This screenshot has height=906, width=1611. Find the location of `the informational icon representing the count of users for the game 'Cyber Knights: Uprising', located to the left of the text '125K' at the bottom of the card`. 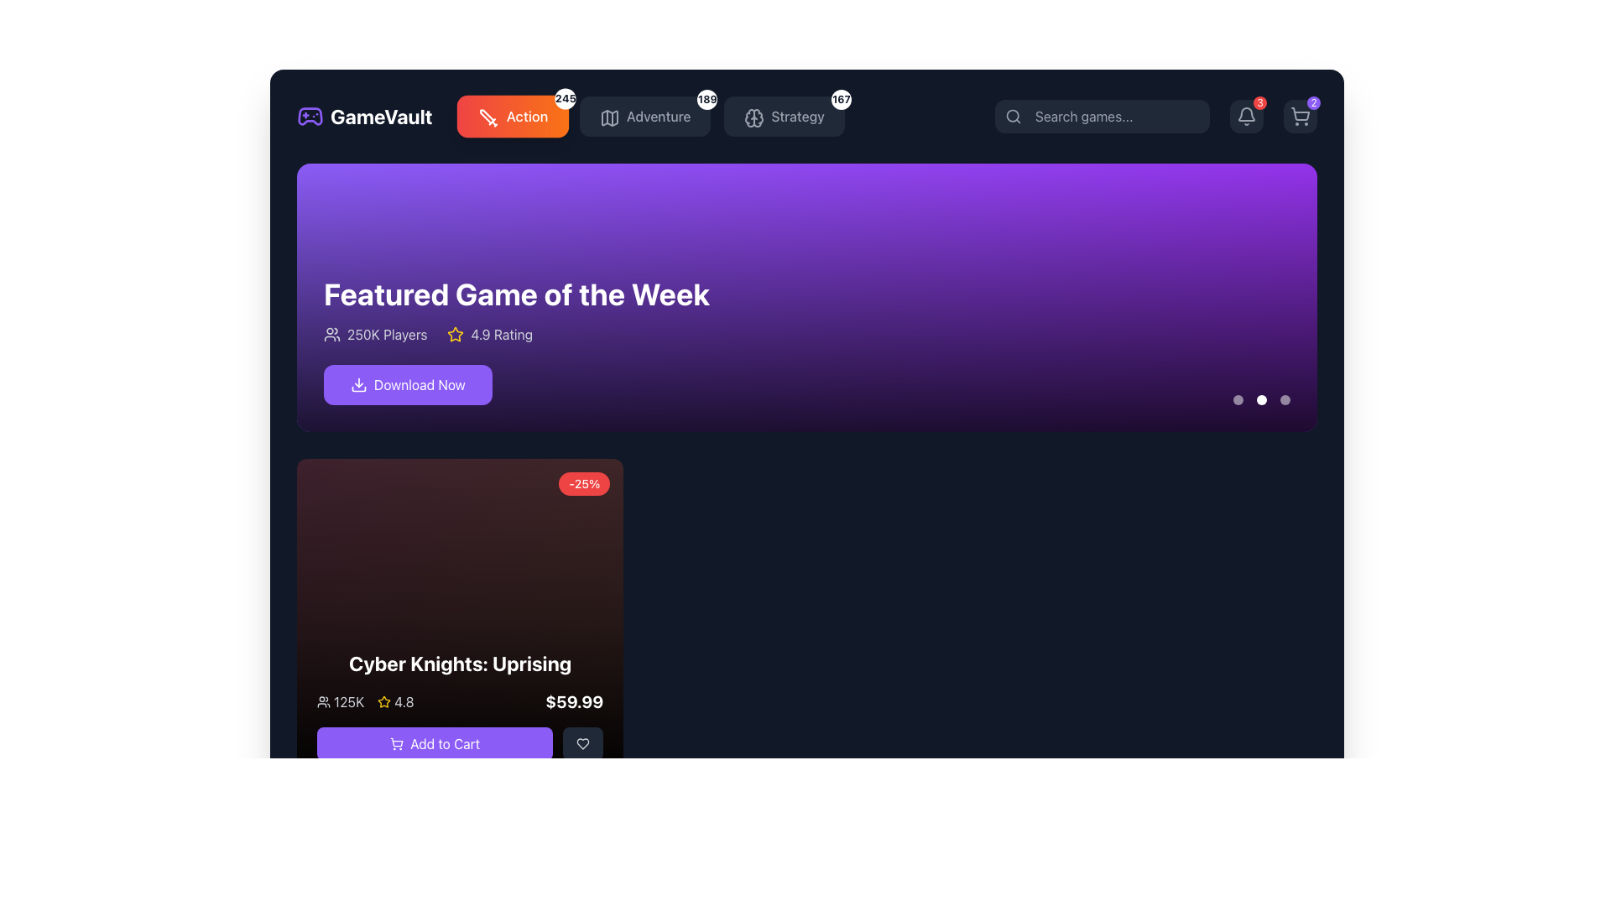

the informational icon representing the count of users for the game 'Cyber Knights: Uprising', located to the left of the text '125K' at the bottom of the card is located at coordinates (323, 702).